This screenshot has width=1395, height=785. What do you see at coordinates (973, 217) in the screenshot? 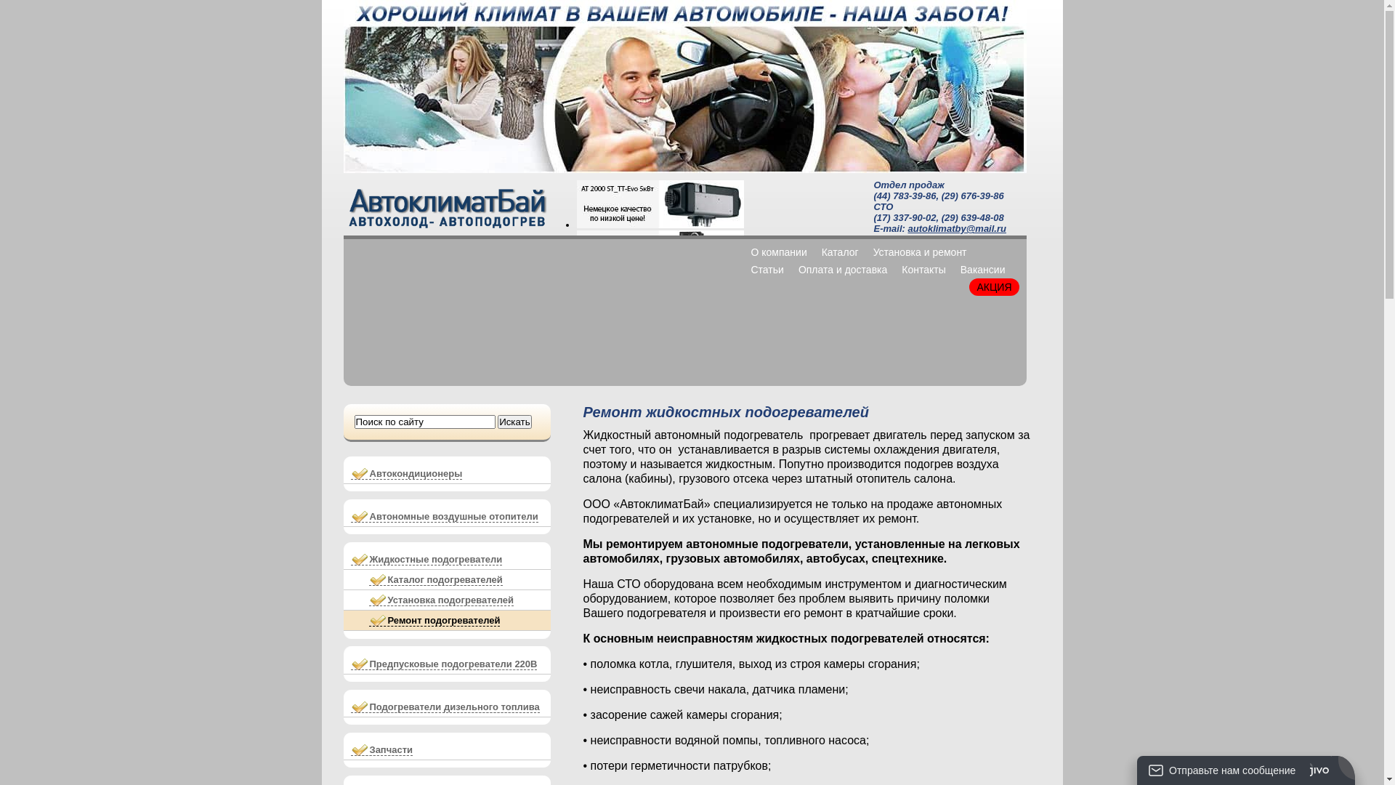
I see `'(29) 639-48-08'` at bounding box center [973, 217].